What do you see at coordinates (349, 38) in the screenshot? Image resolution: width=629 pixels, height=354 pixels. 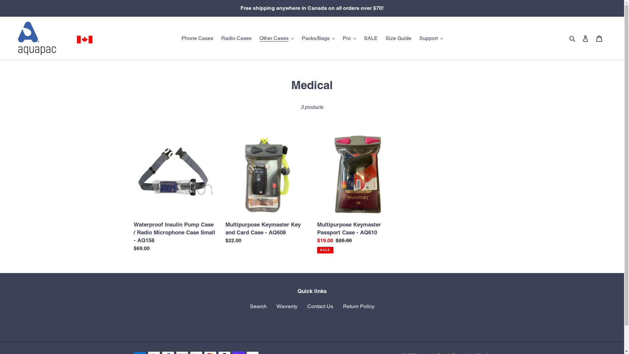 I see `'Pro'` at bounding box center [349, 38].